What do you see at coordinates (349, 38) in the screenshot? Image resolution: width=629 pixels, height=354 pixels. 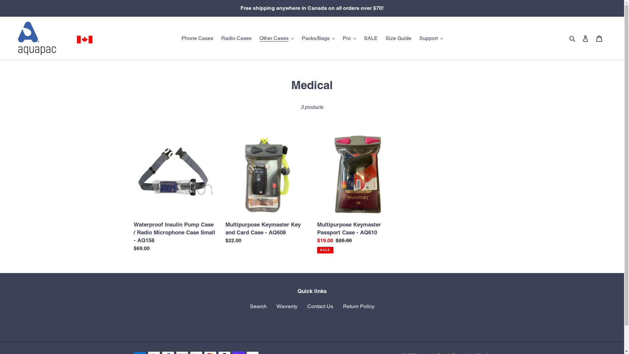 I see `'Pro'` at bounding box center [349, 38].